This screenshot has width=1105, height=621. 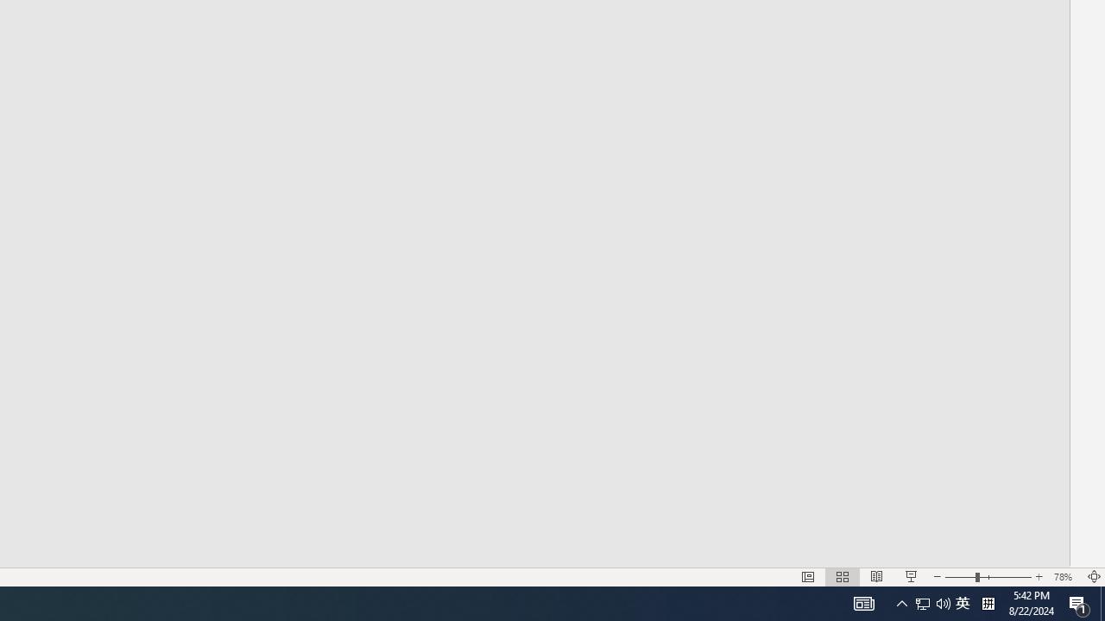 What do you see at coordinates (1064, 577) in the screenshot?
I see `'Zoom 78%'` at bounding box center [1064, 577].